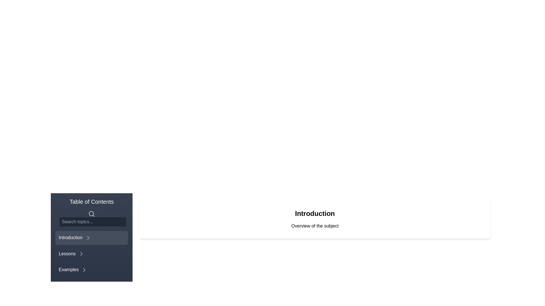 The height and width of the screenshot is (306, 545). Describe the element at coordinates (91, 201) in the screenshot. I see `text element displaying the title 'Table of Contents', which is prominently bold and centered in white on a dark background, positioned at the top of the sidebar for navigation` at that location.